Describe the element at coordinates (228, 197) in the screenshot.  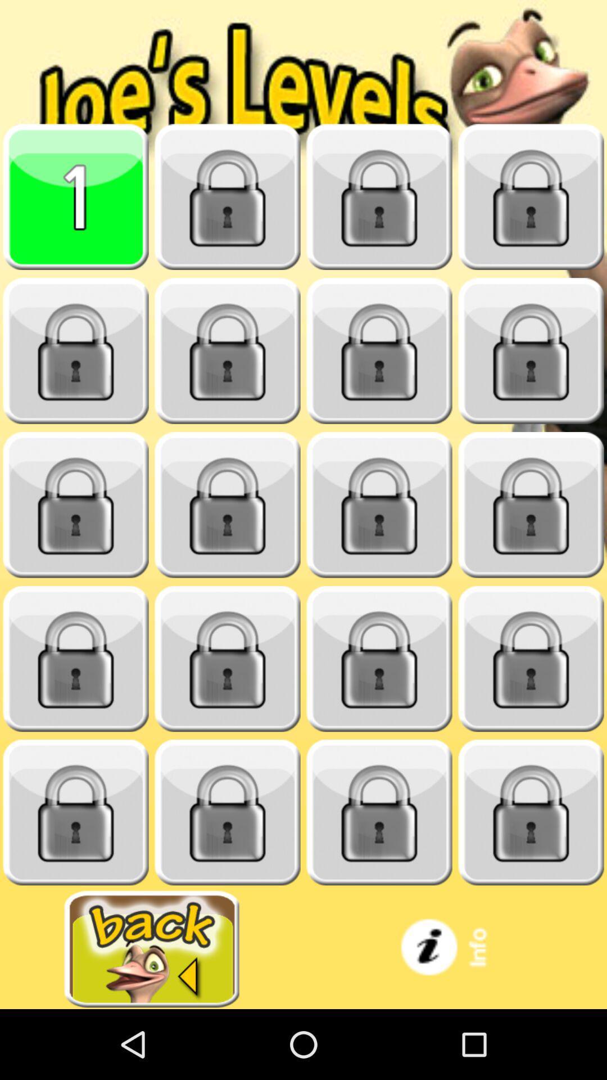
I see `to unlock` at that location.